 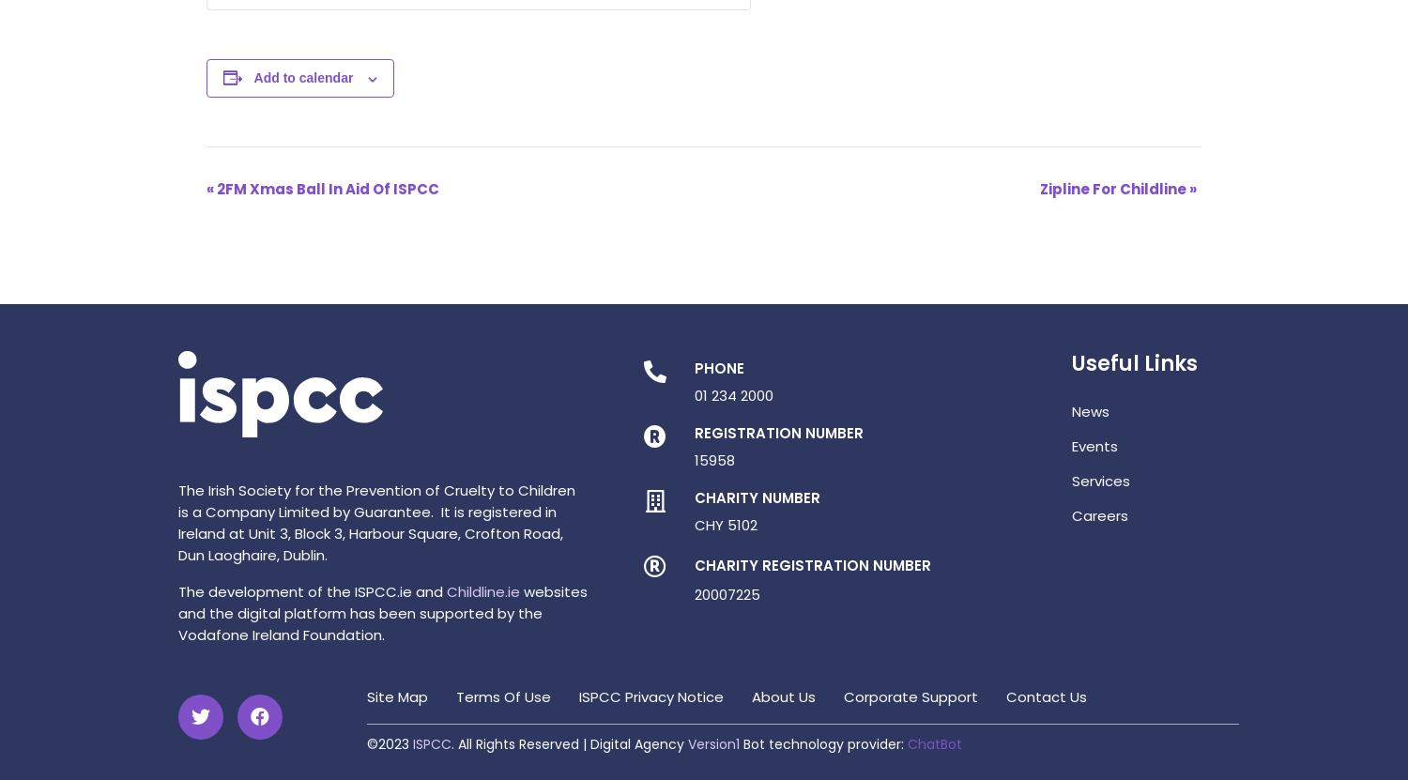 What do you see at coordinates (650, 696) in the screenshot?
I see `'ISPCC Privacy Notice'` at bounding box center [650, 696].